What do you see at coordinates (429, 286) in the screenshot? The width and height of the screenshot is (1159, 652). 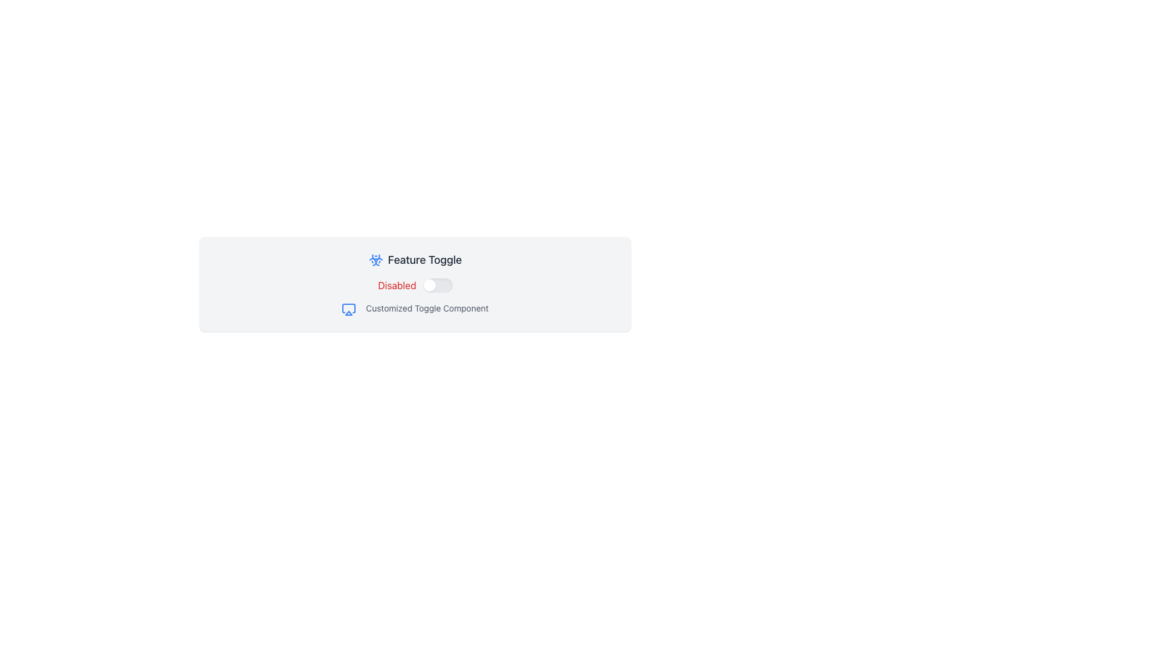 I see `the toggle knob` at bounding box center [429, 286].